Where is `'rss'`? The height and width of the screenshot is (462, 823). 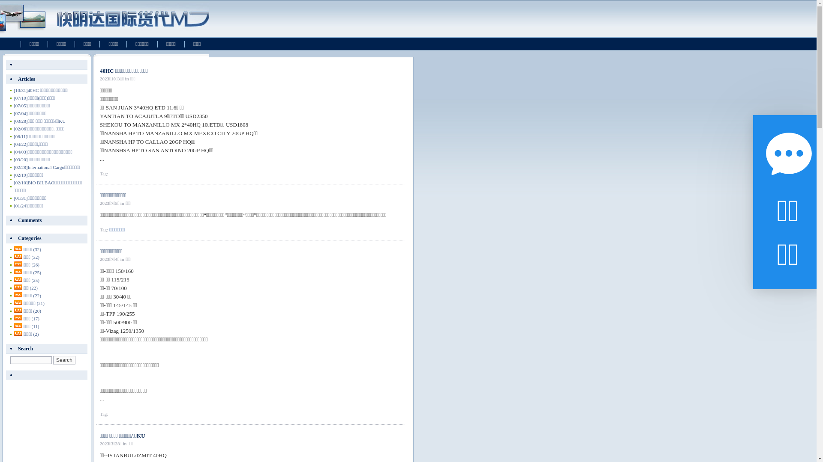 'rss' is located at coordinates (18, 287).